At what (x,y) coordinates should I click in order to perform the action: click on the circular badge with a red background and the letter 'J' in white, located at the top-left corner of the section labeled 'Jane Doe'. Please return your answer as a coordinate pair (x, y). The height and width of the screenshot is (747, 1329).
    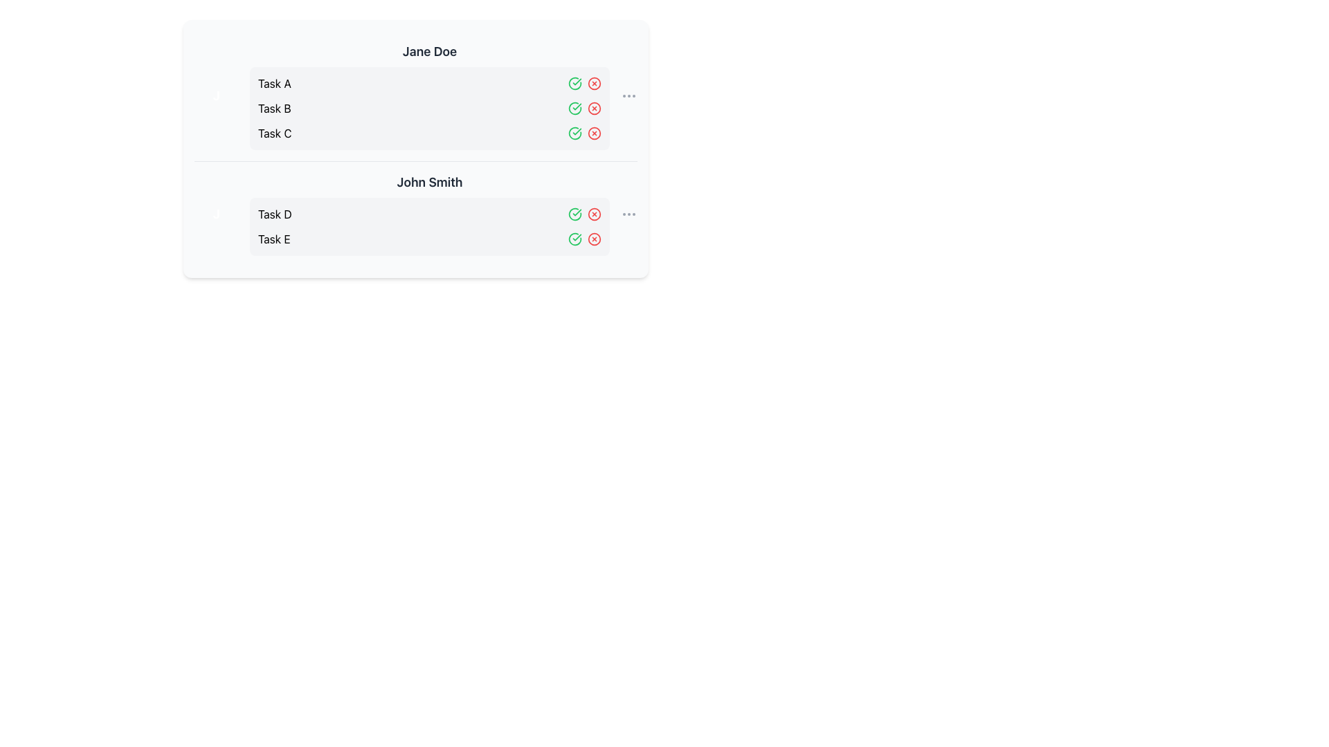
    Looking at the image, I should click on (215, 95).